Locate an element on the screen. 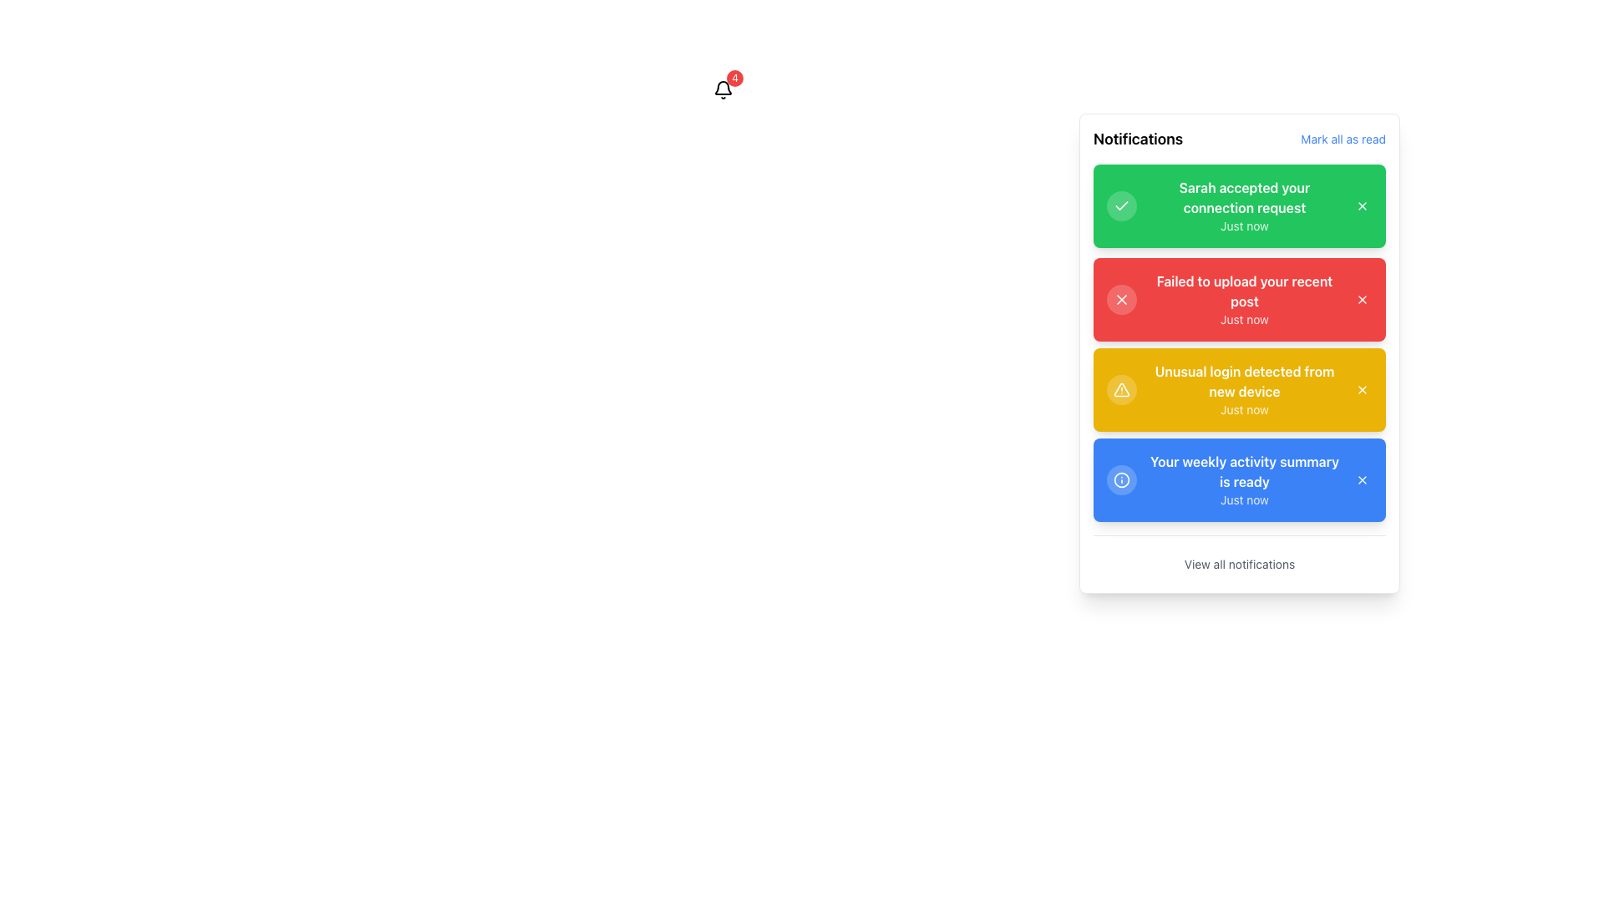 The width and height of the screenshot is (1604, 902). the bell notification icon located at the center of its circular background is located at coordinates (723, 90).